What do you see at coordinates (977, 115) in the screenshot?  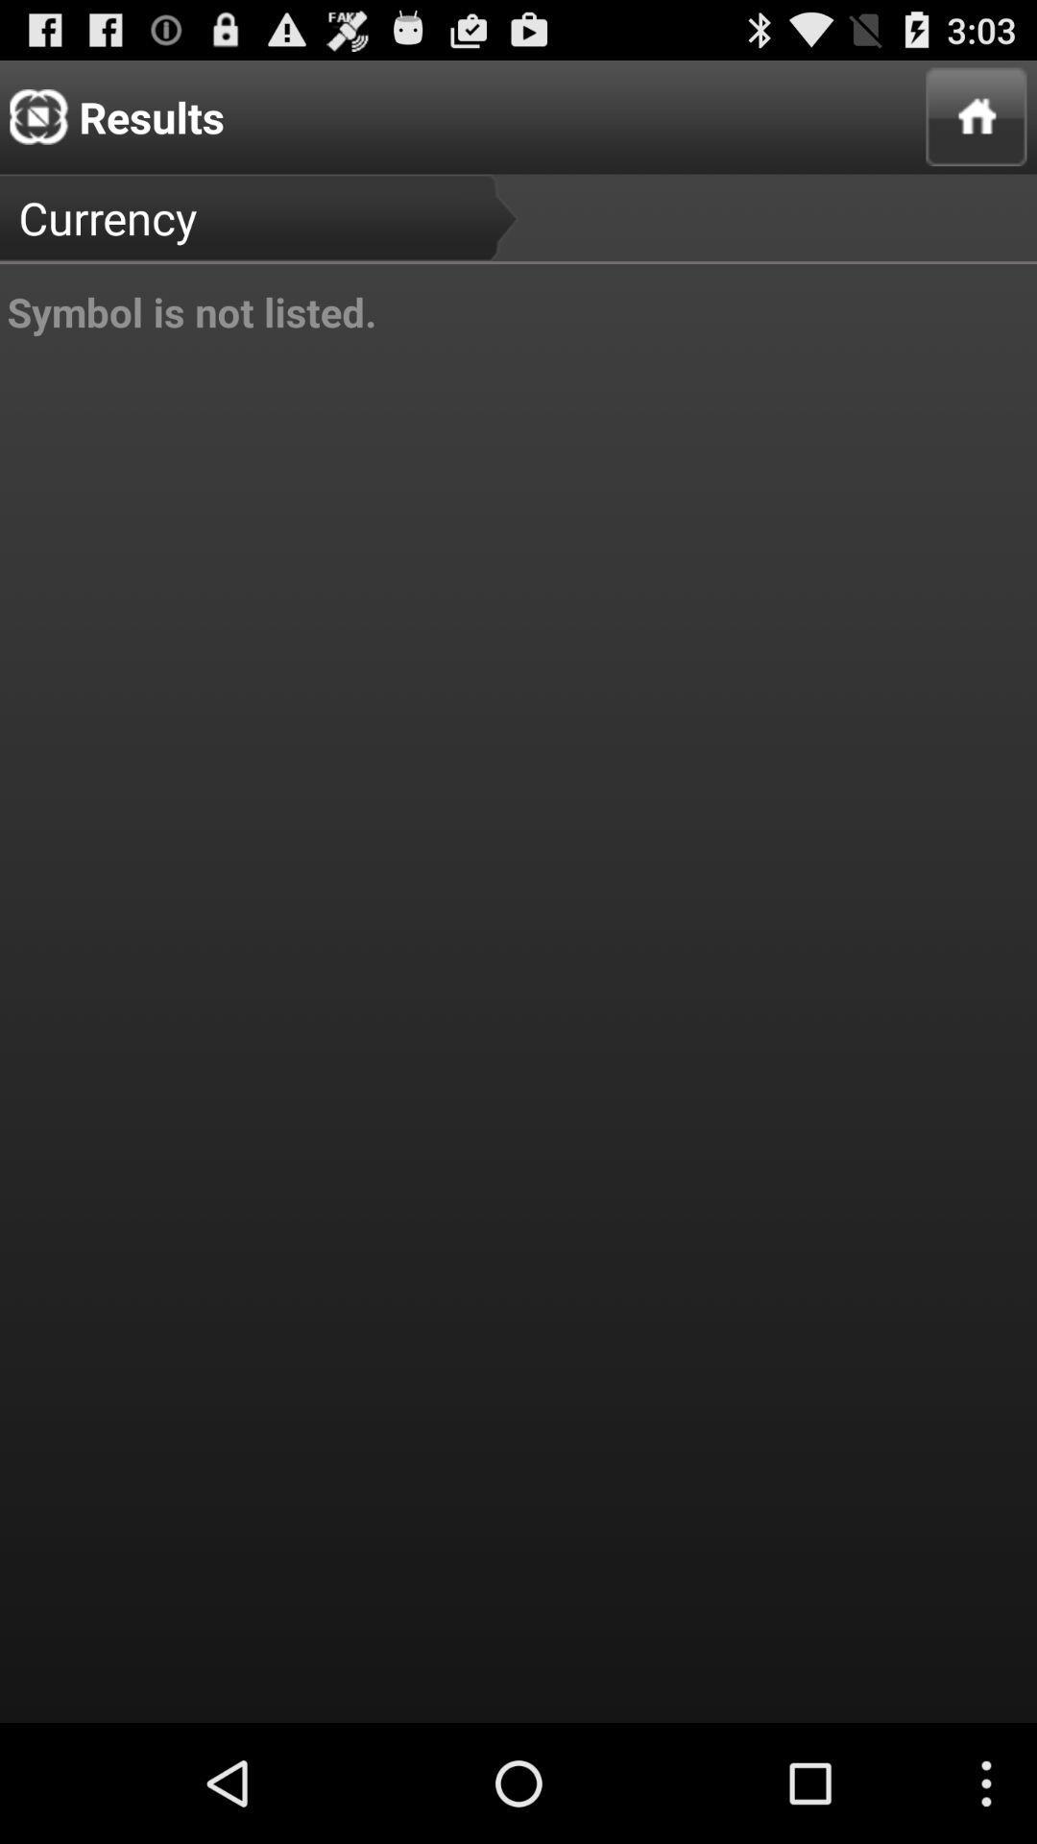 I see `icon at the top right corner` at bounding box center [977, 115].